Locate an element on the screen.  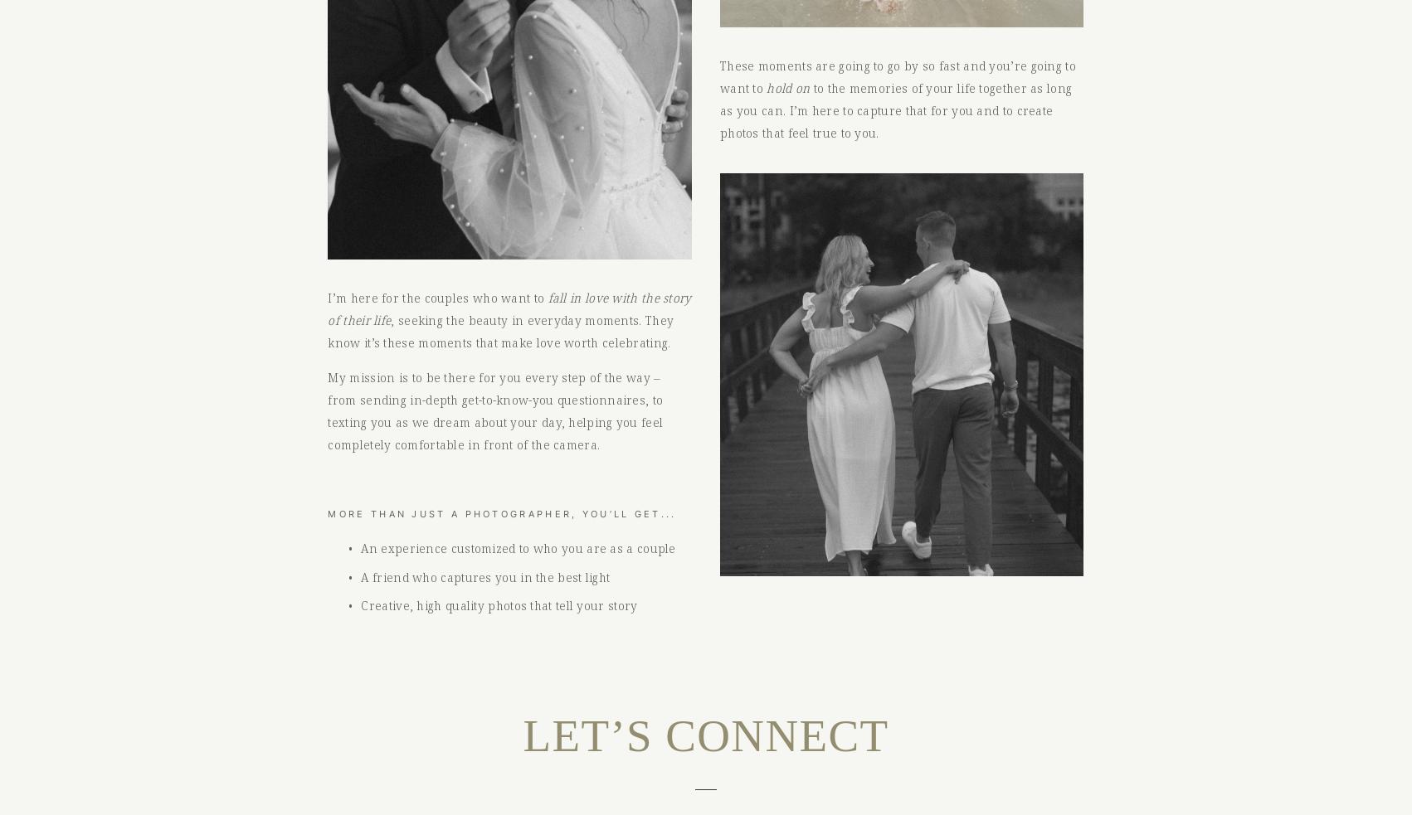
'An experience customized to who you are as a couple' is located at coordinates (518, 547).